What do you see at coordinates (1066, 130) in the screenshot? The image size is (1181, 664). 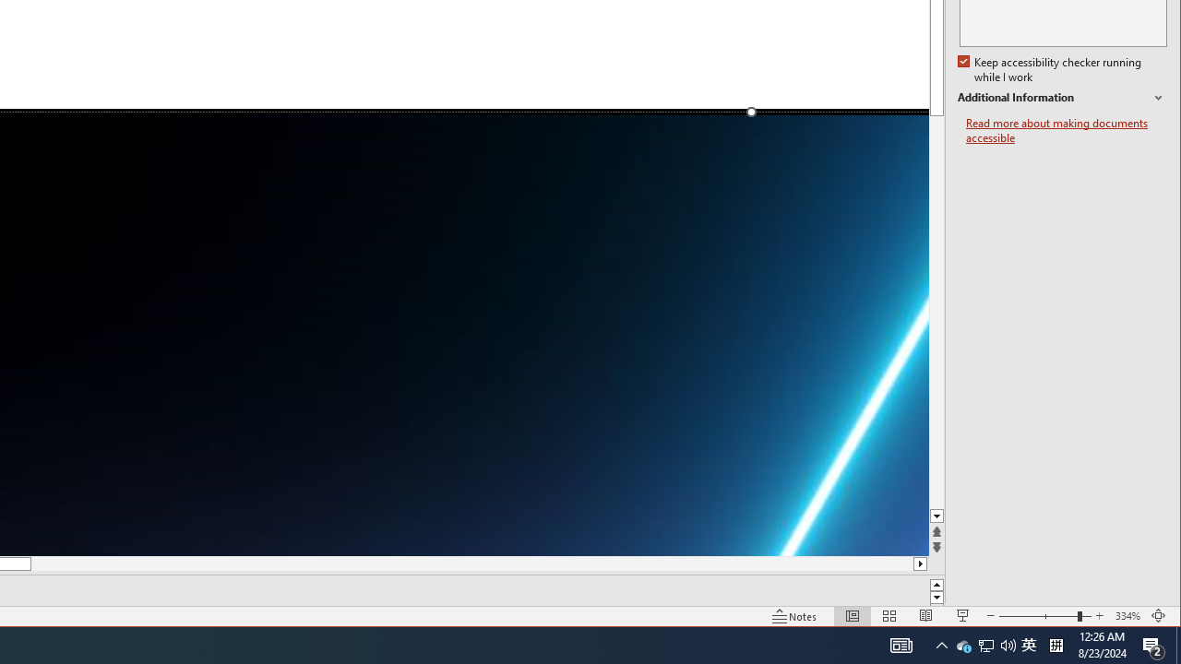 I see `'Read more about making documents accessible'` at bounding box center [1066, 130].